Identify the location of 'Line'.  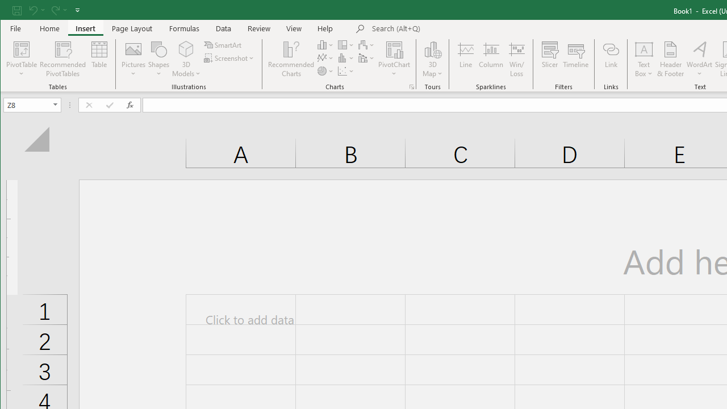
(465, 59).